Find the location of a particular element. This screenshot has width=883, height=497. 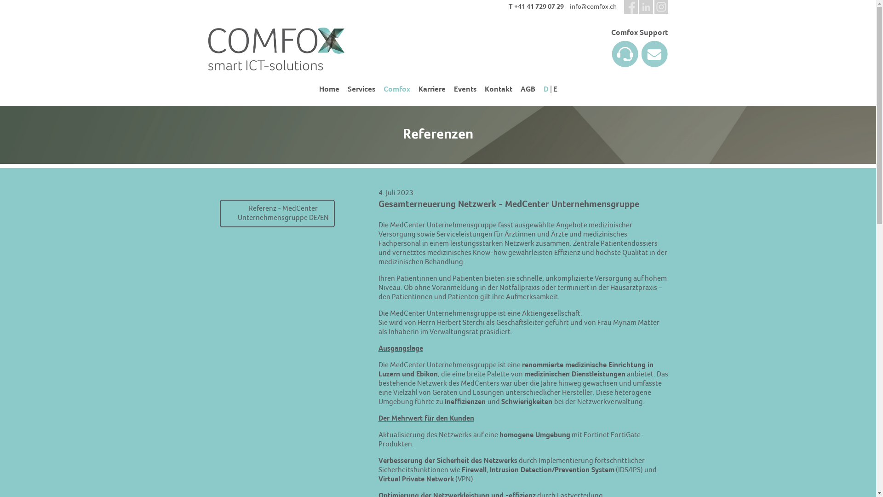

'AGB' is located at coordinates (528, 89).